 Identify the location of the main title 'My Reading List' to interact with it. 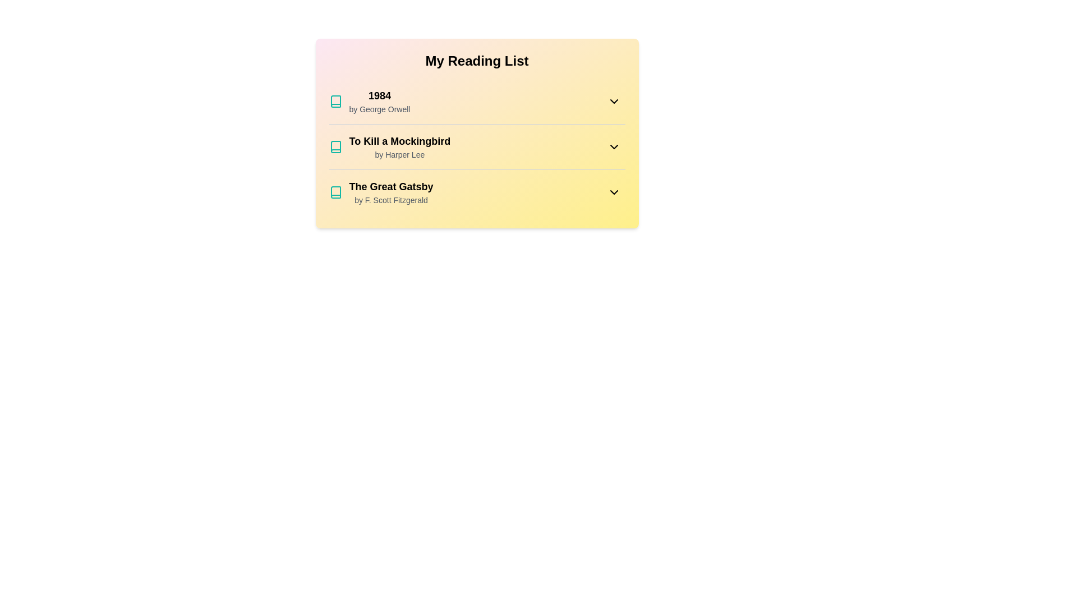
(477, 61).